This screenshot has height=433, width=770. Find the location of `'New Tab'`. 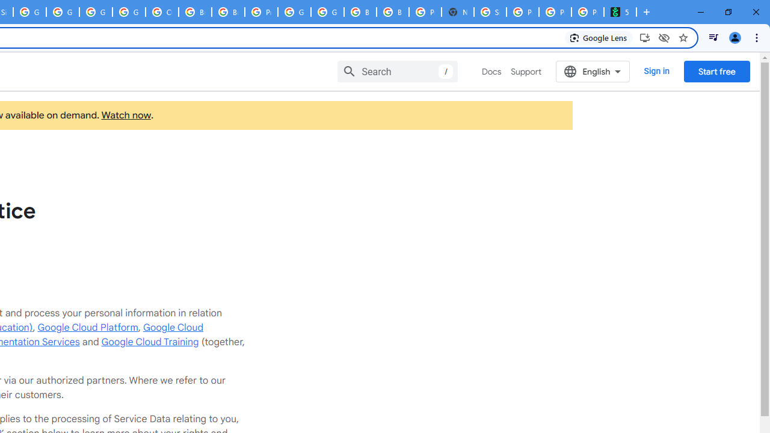

'New Tab' is located at coordinates (457, 12).